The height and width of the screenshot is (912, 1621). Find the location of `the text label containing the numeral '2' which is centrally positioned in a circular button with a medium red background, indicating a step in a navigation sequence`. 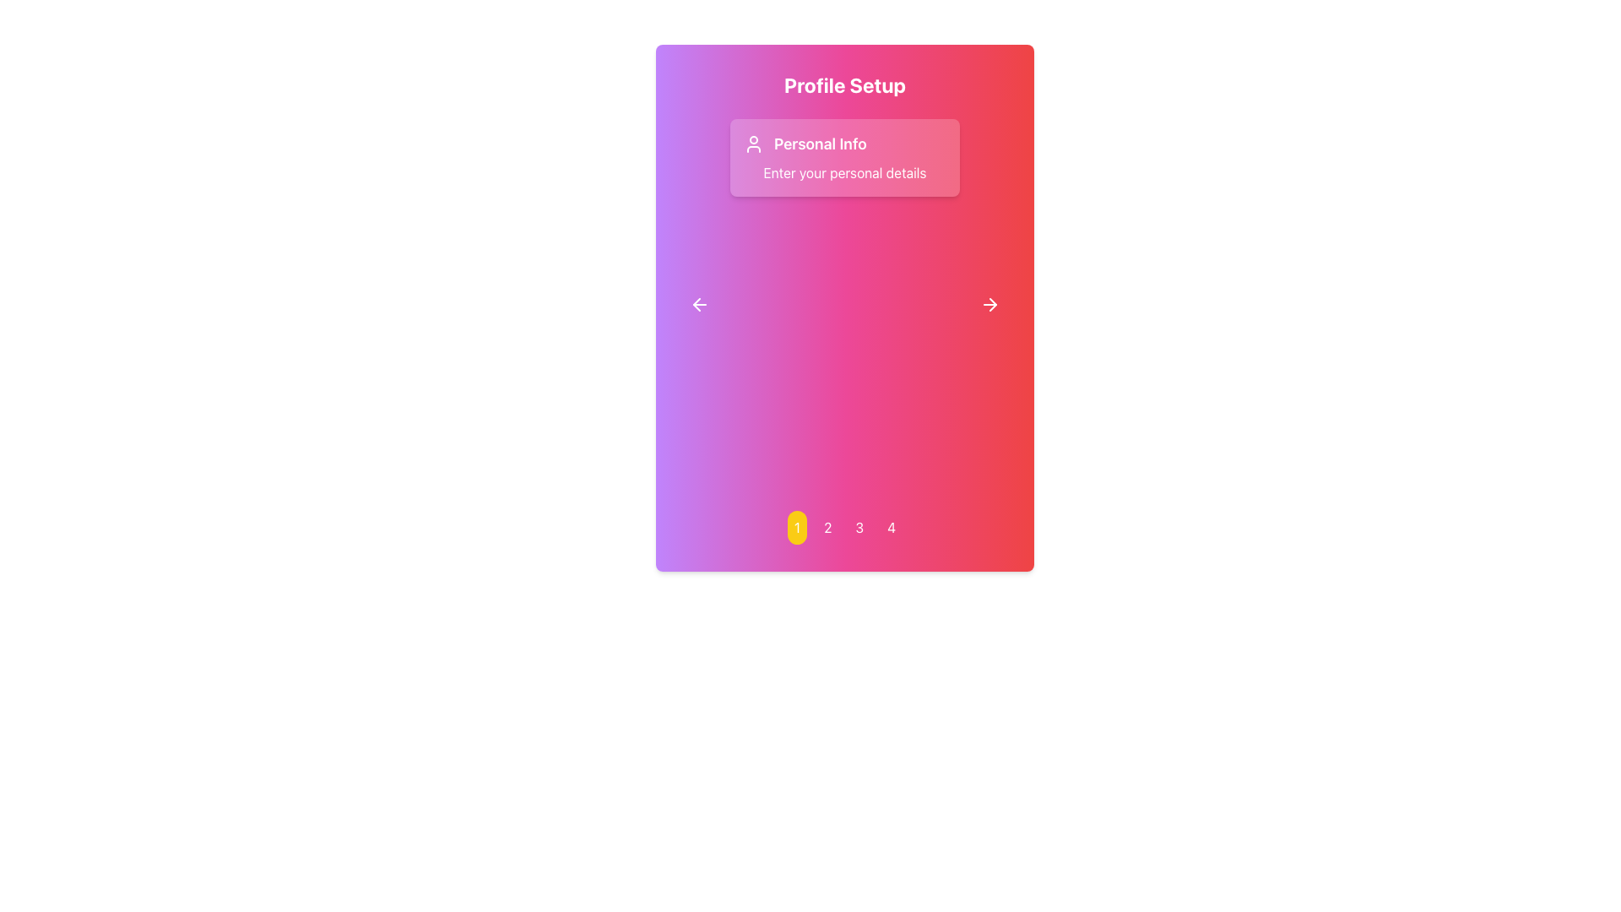

the text label containing the numeral '2' which is centrally positioned in a circular button with a medium red background, indicating a step in a navigation sequence is located at coordinates (827, 526).